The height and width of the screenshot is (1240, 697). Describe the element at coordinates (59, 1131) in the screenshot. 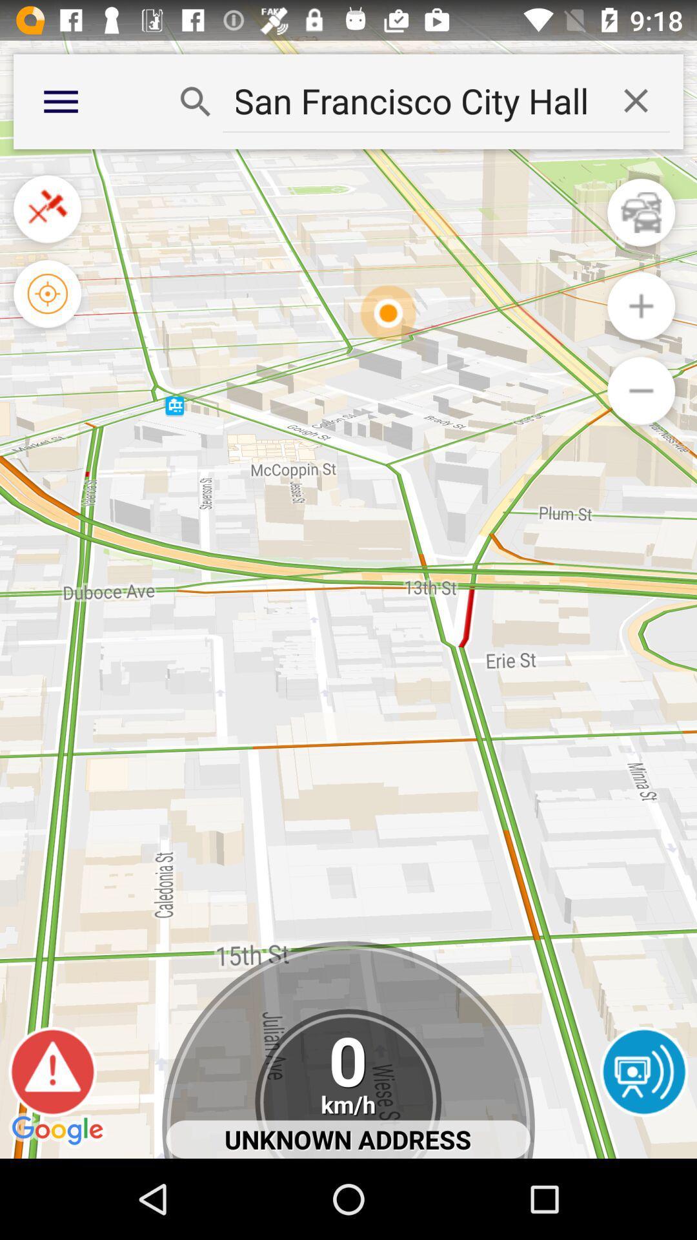

I see `the text called google` at that location.